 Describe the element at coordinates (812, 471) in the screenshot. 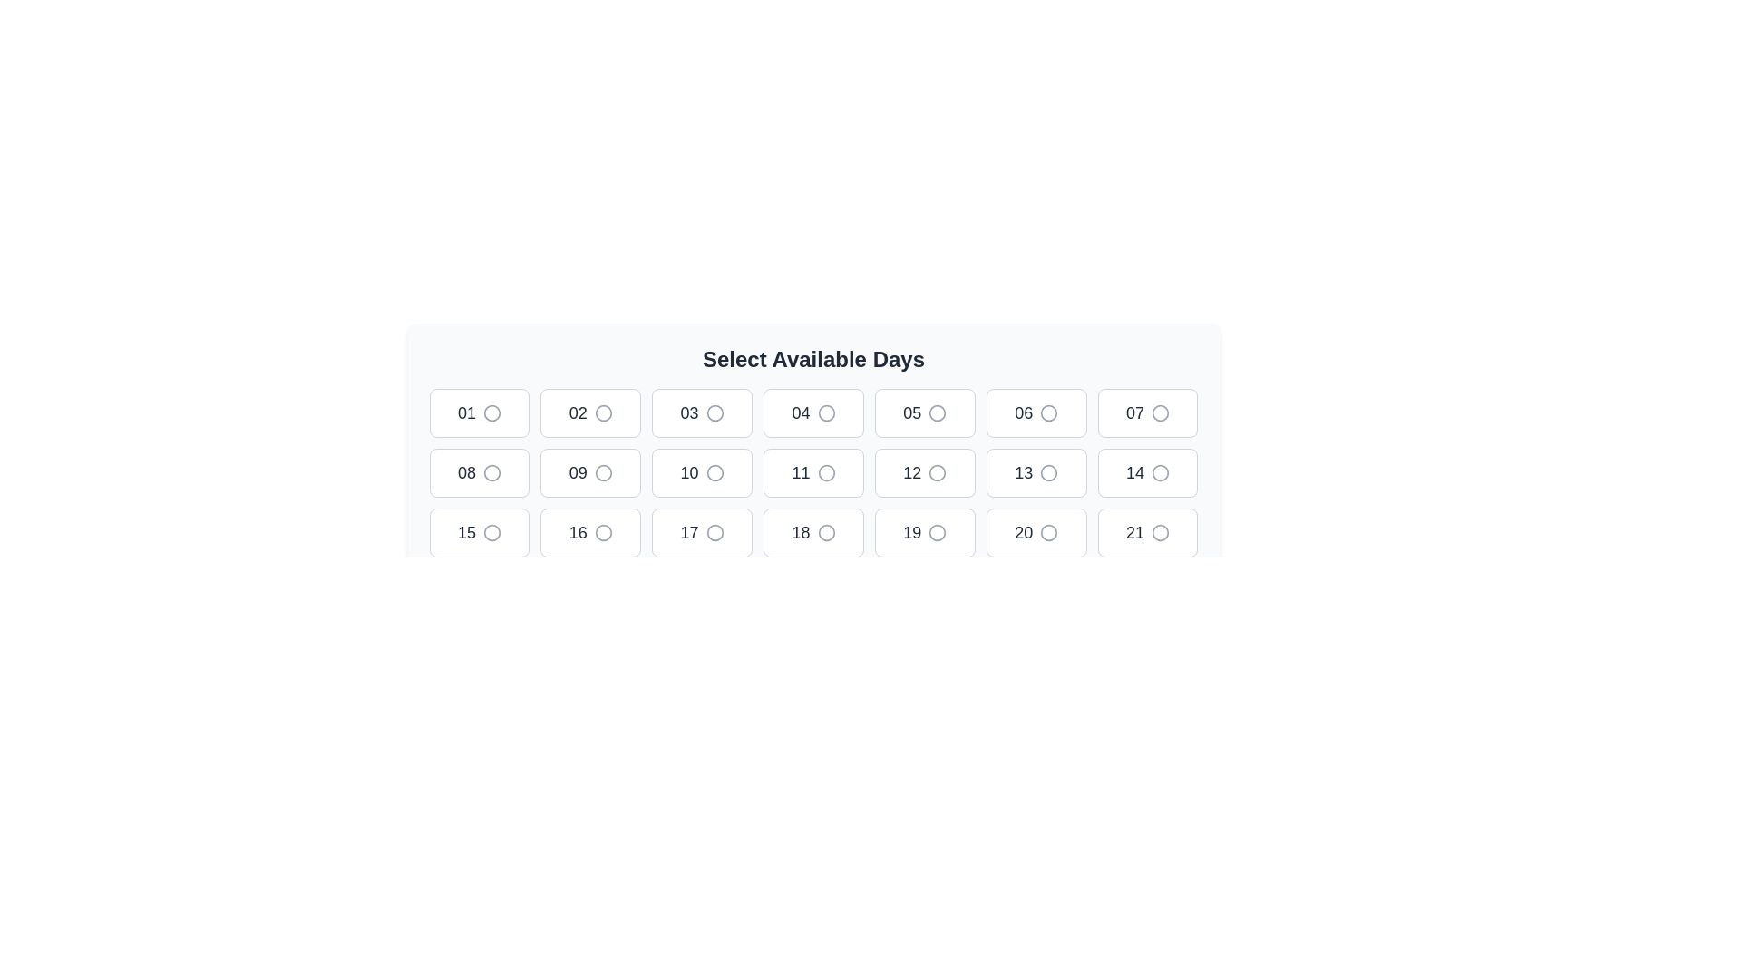

I see `the button for selecting the day '11' located in the fifth column of the second row under 'Select Available Days'` at that location.